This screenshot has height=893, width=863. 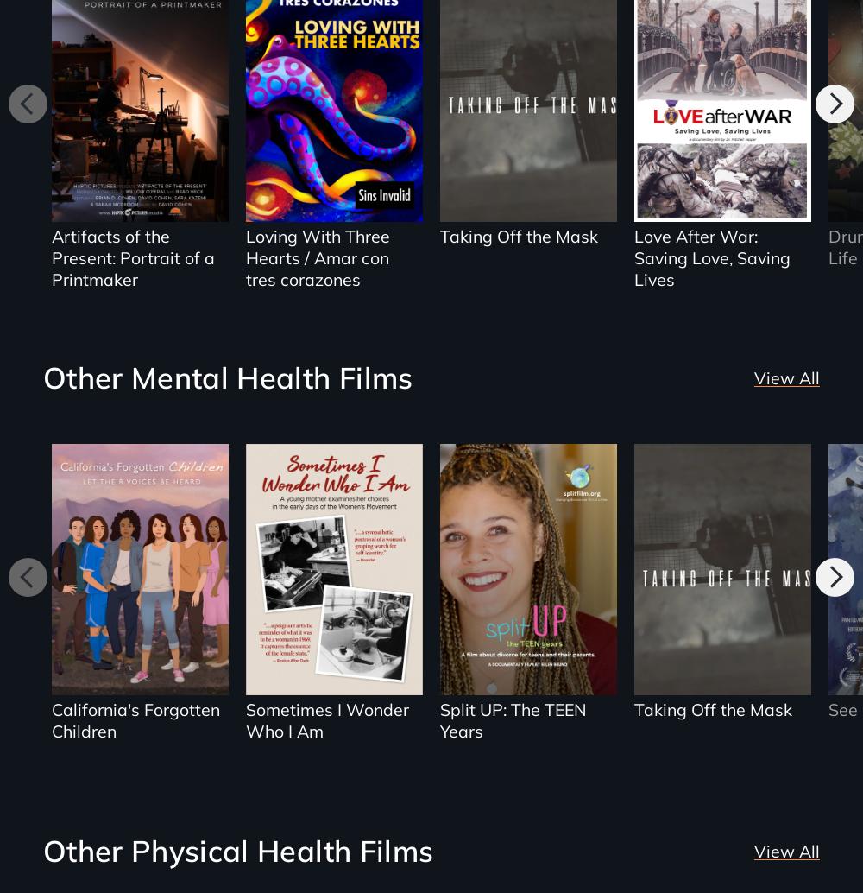 What do you see at coordinates (316, 256) in the screenshot?
I see `'Loving With Three Hearts / Amar con tres corazones'` at bounding box center [316, 256].